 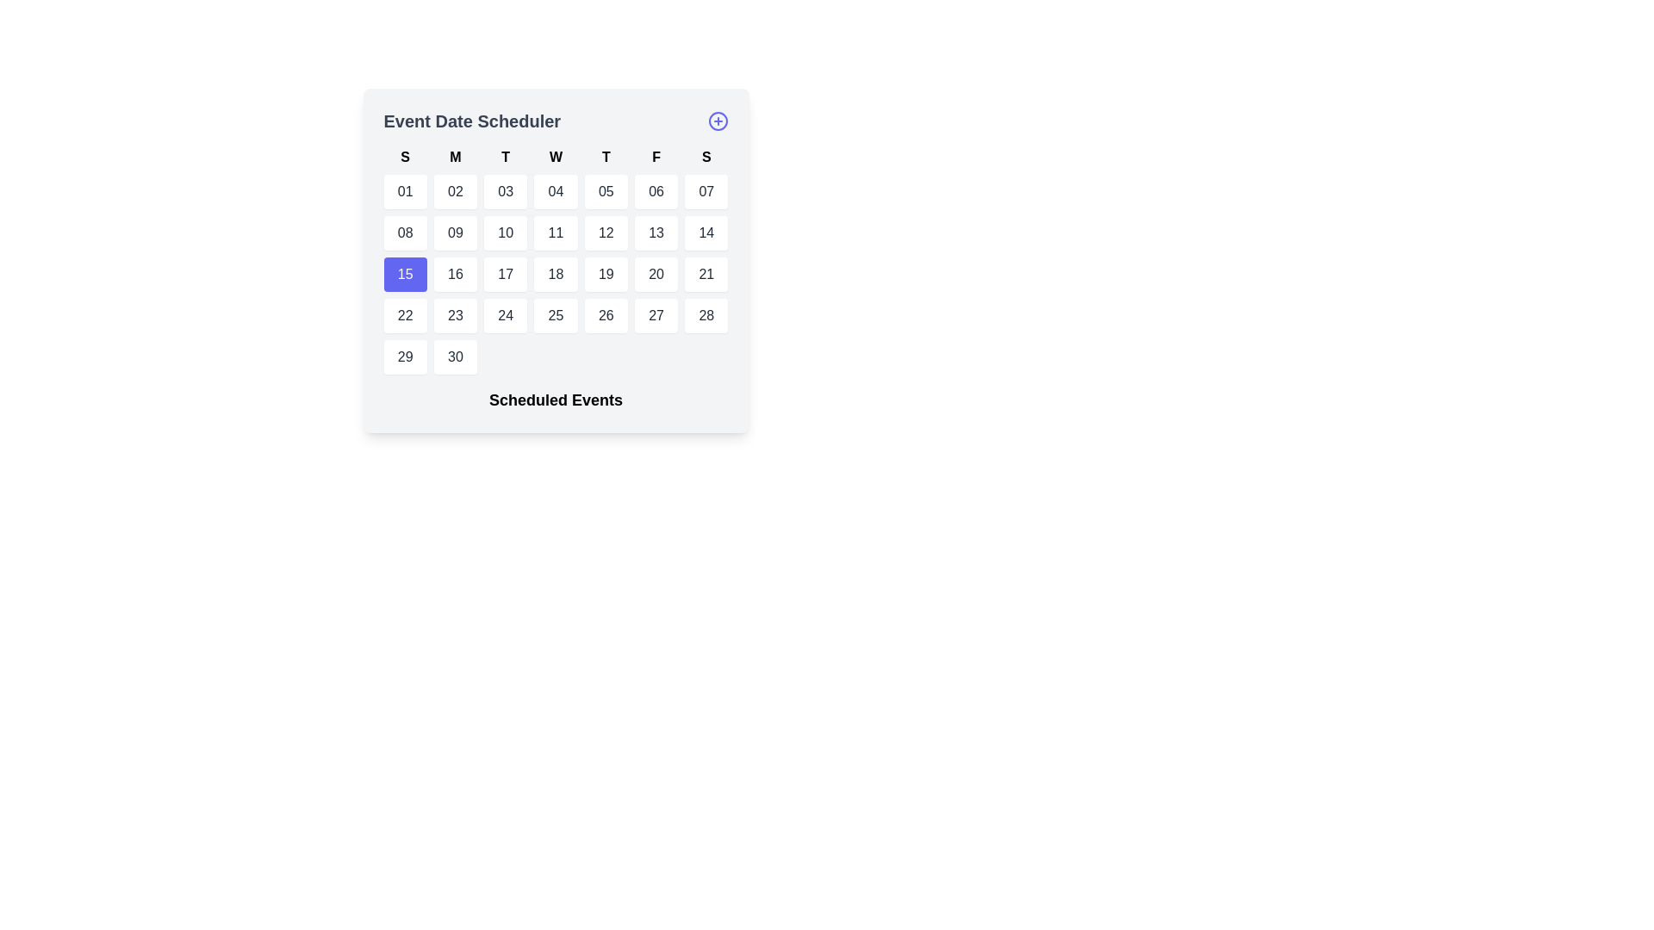 I want to click on the date selector button labeled '06' in the second row and sixth column of the calendar grid, so click(x=656, y=192).